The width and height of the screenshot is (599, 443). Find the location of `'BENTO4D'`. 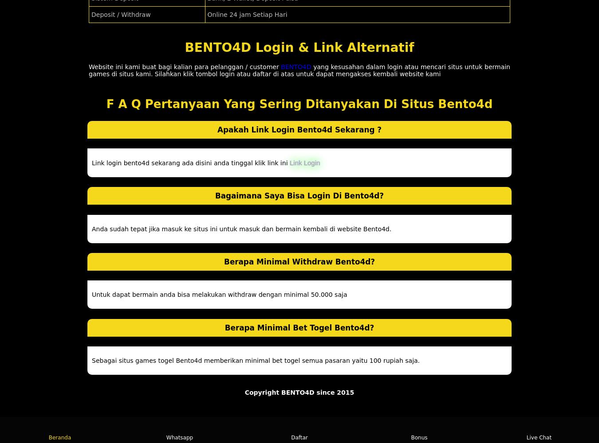

'BENTO4D' is located at coordinates (296, 66).